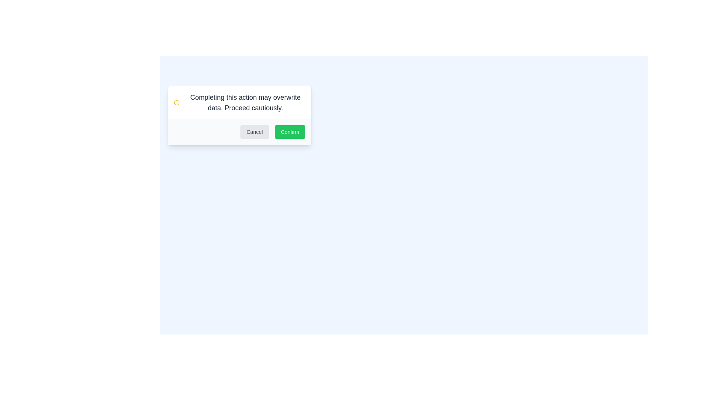  I want to click on the 'Cancel' button with a light gray background and rounded corners located on the left side of the 'Confirm' button in the dialog box footer, so click(255, 131).